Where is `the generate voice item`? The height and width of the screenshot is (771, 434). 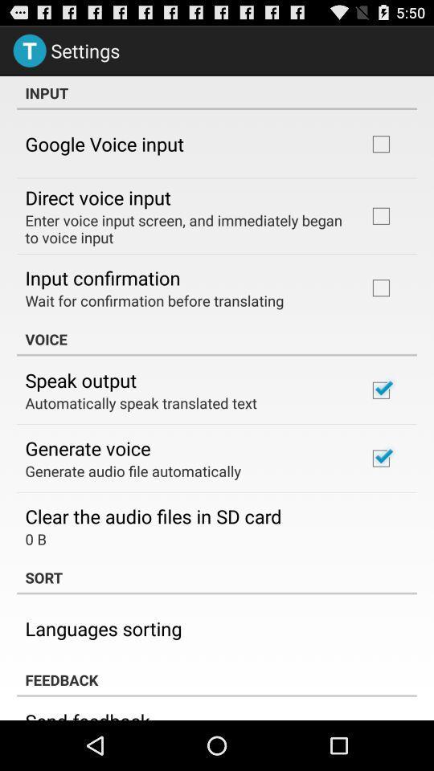
the generate voice item is located at coordinates (88, 448).